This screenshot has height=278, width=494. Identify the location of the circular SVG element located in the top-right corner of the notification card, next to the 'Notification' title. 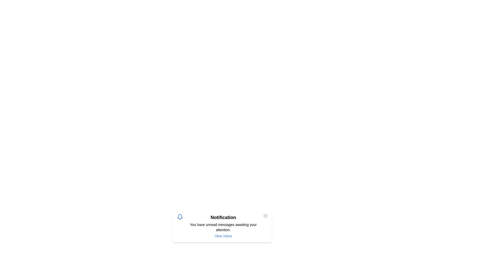
(266, 216).